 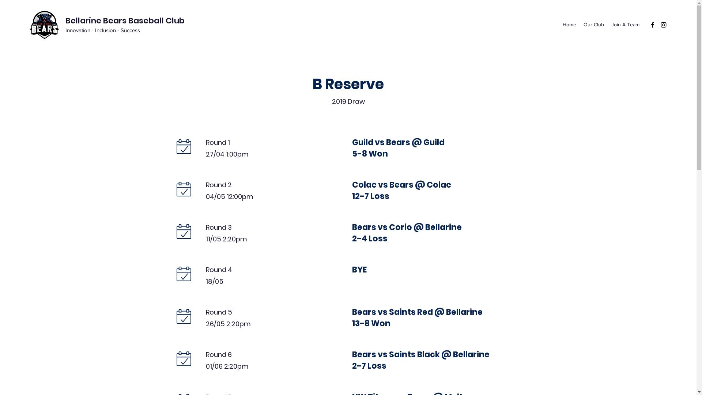 I want to click on 'Our Club', so click(x=593, y=24).